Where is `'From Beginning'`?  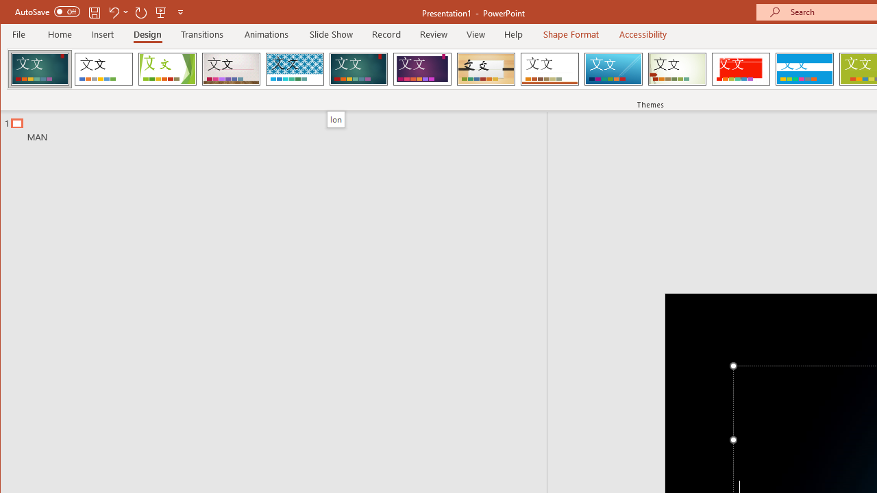 'From Beginning' is located at coordinates (161, 12).